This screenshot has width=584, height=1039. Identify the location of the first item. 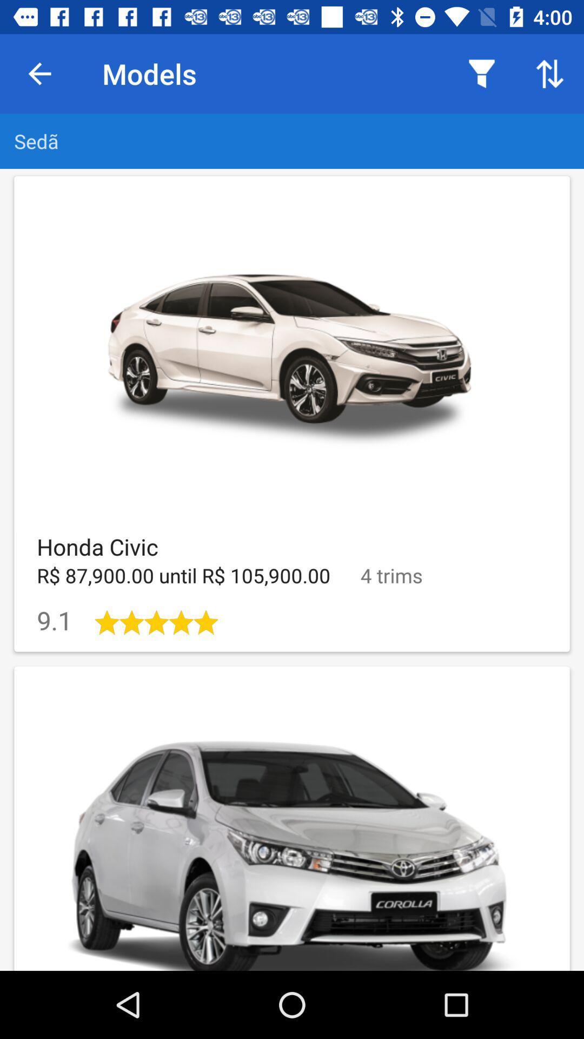
(292, 413).